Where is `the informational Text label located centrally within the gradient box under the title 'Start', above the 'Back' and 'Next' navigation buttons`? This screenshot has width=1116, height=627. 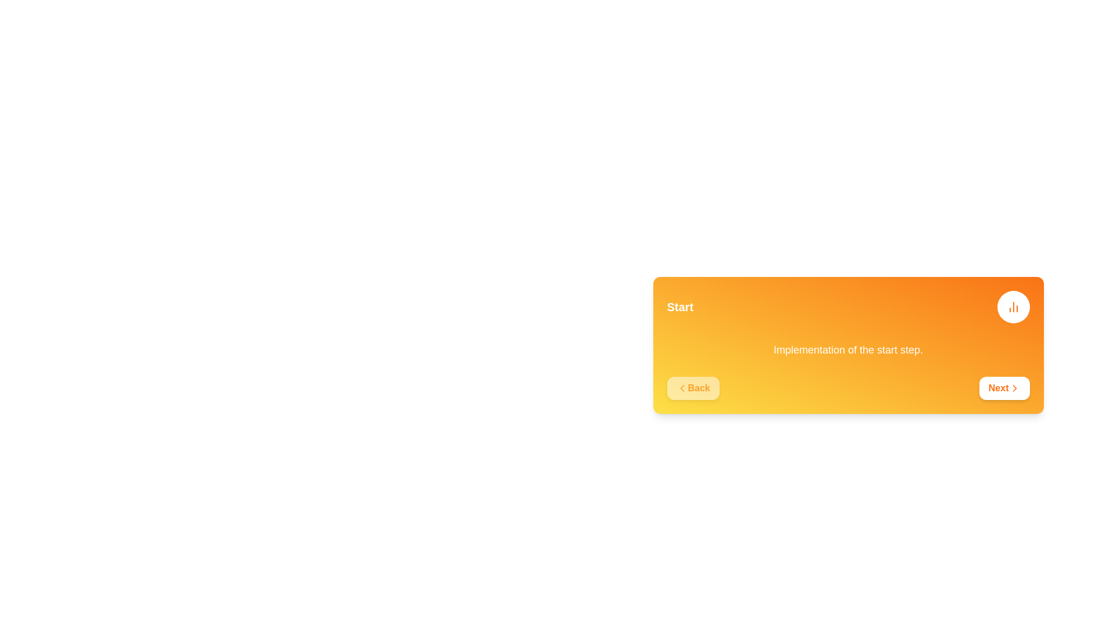 the informational Text label located centrally within the gradient box under the title 'Start', above the 'Back' and 'Next' navigation buttons is located at coordinates (848, 349).